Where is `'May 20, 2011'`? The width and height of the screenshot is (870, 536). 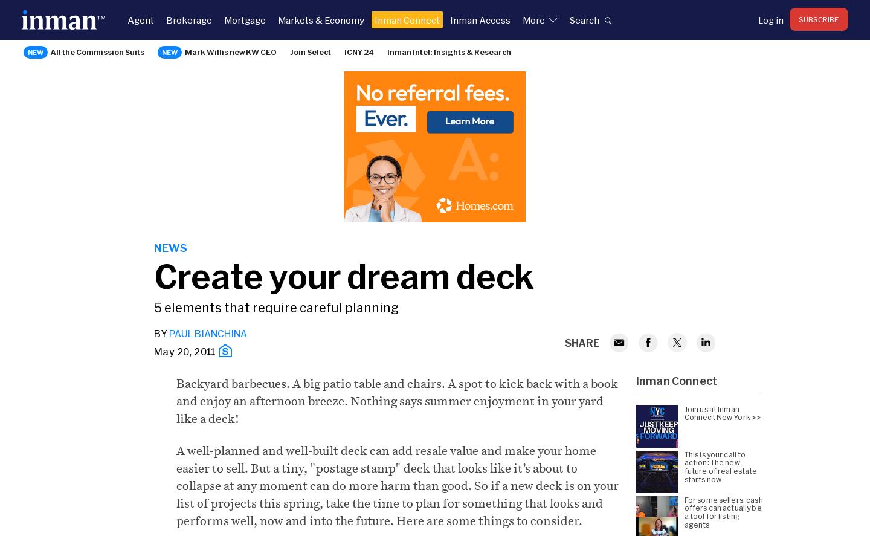
'May 20, 2011' is located at coordinates (153, 350).